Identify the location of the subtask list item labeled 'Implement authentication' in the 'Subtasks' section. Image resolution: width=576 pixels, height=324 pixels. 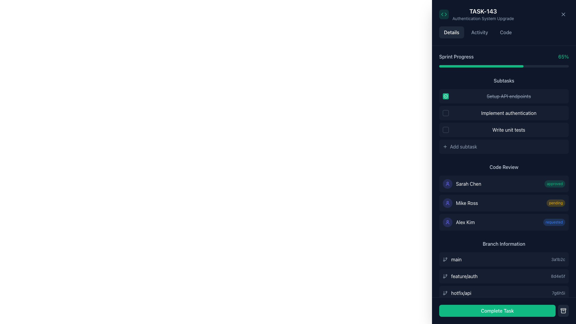
(504, 115).